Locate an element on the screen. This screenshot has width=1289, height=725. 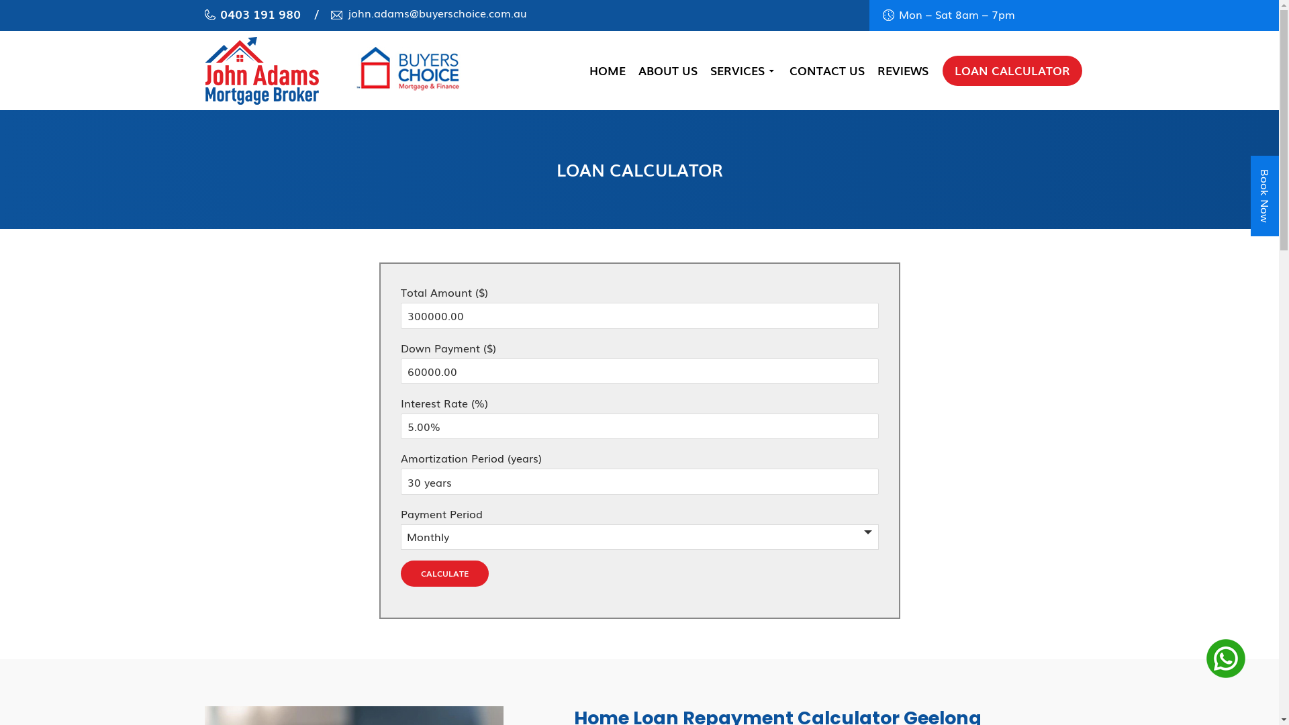
'SERVICES' is located at coordinates (743, 70).